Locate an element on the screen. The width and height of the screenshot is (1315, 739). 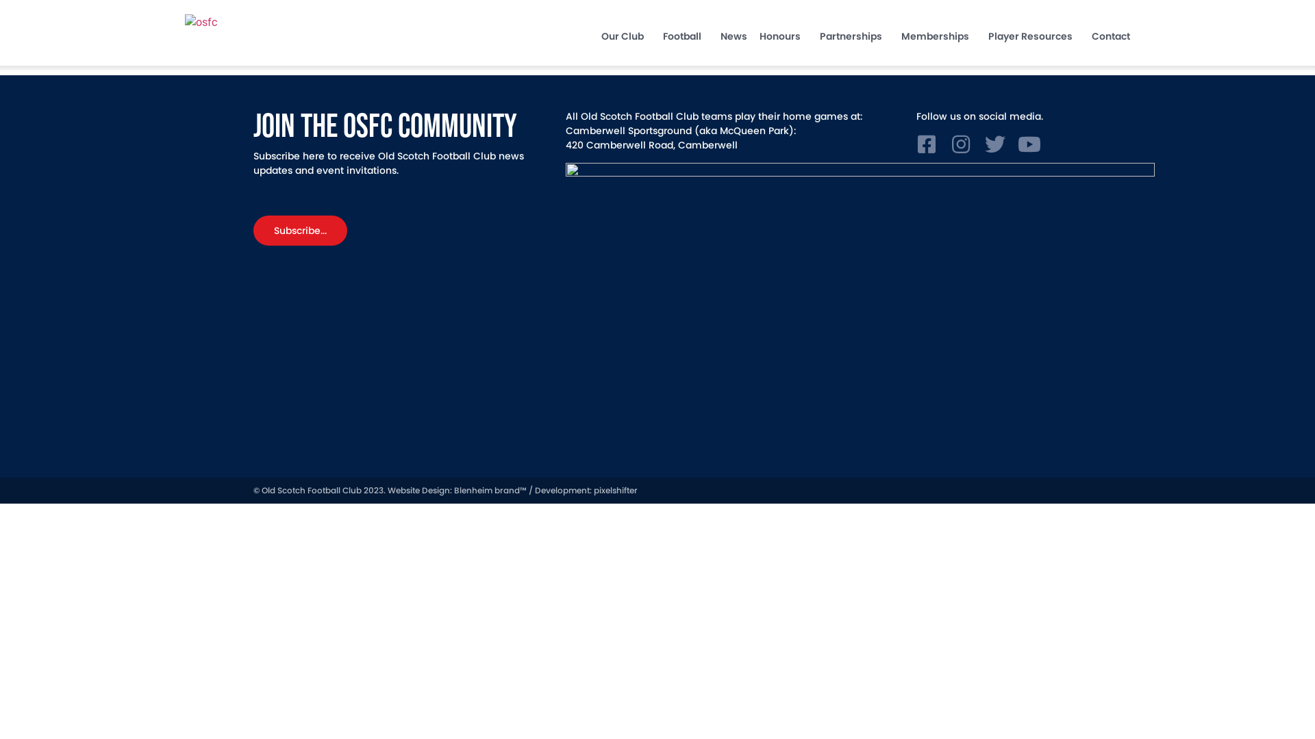
'420 Camberwell Road, Camberwell' is located at coordinates (651, 145).